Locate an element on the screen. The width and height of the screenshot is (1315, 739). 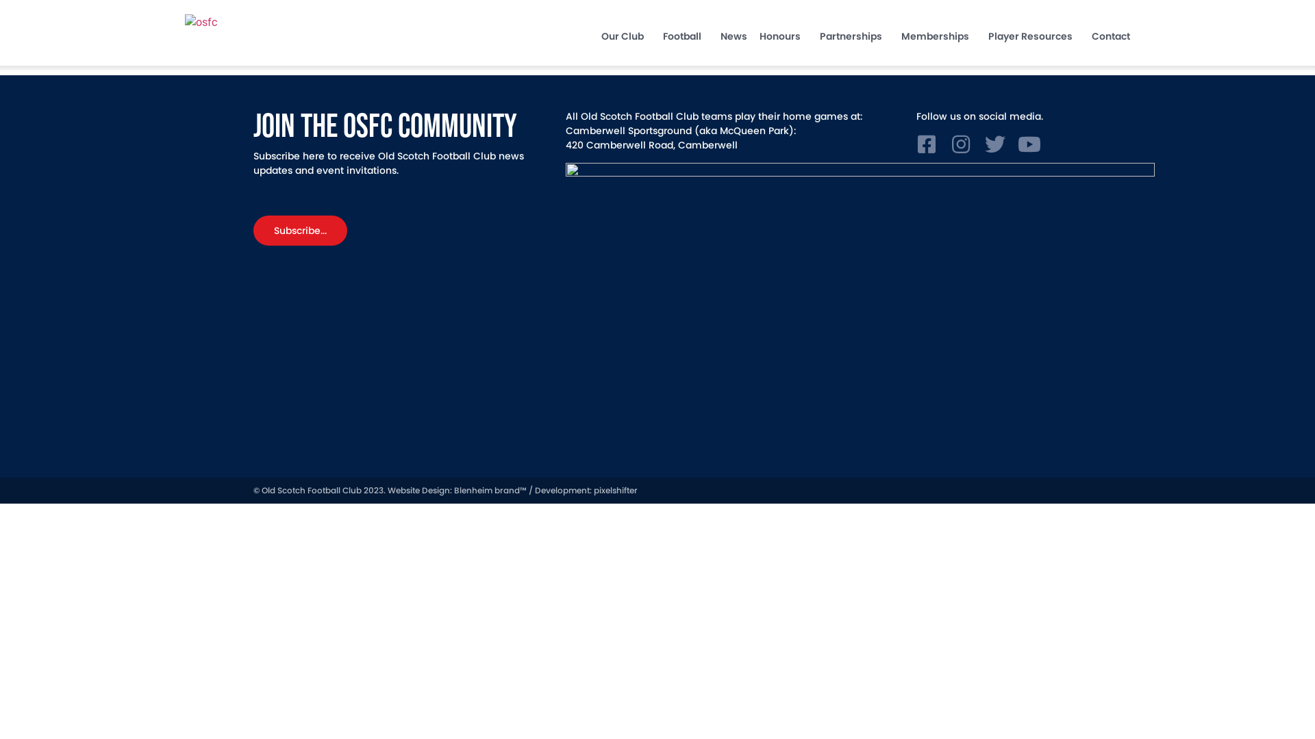
'420 Camberwell Road, Camberwell' is located at coordinates (651, 145).